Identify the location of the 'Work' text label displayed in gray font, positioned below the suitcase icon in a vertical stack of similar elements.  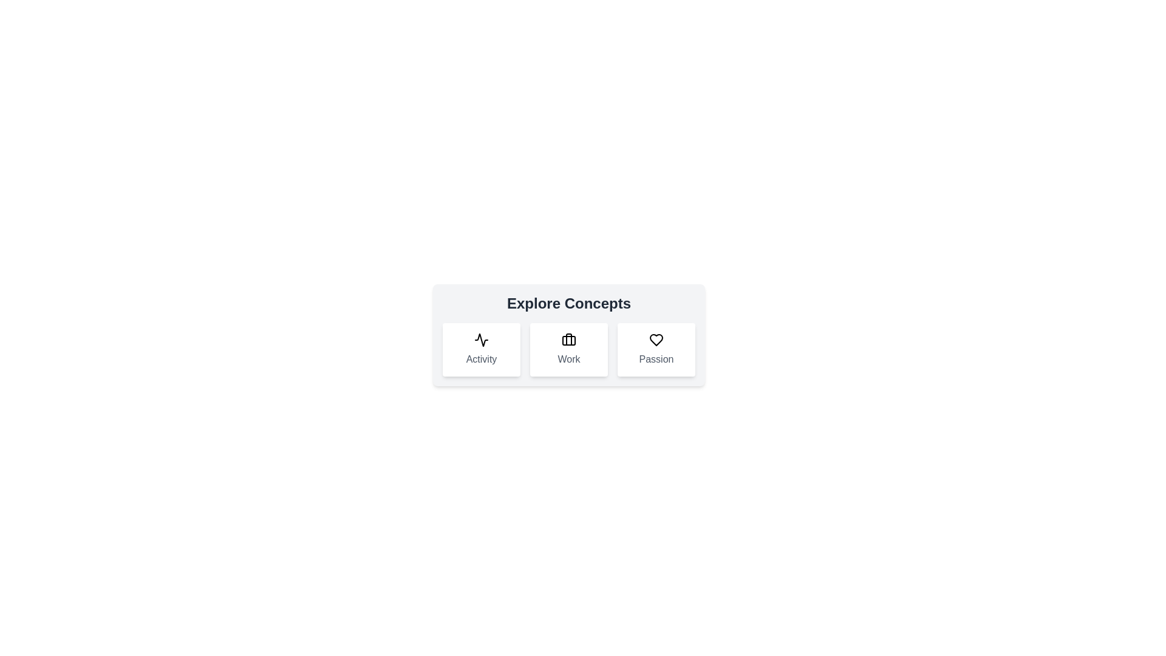
(568, 358).